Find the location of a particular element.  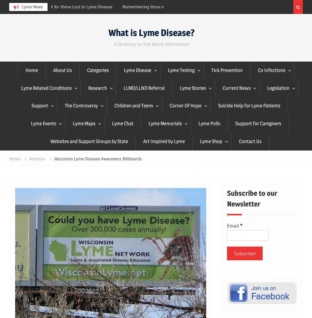

'Tick Prevention' is located at coordinates (227, 69).